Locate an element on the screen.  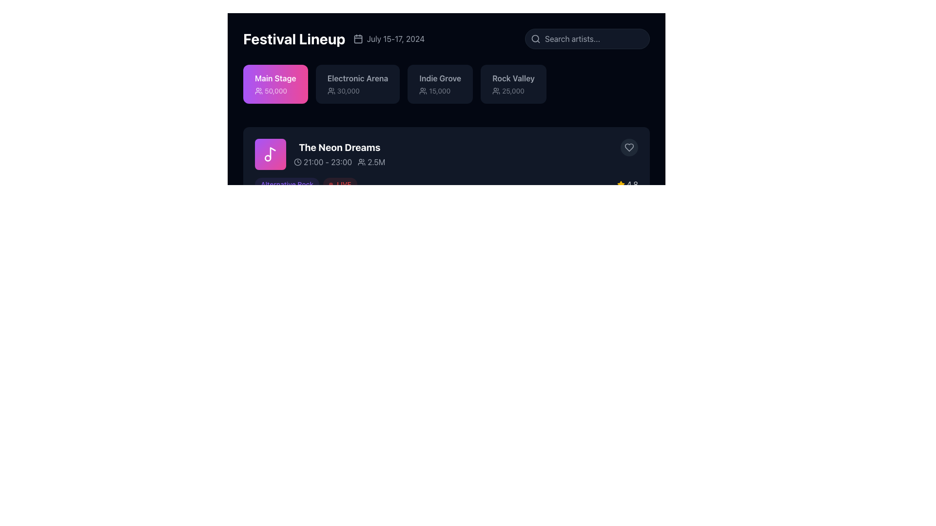
the state change of the 'like' icon located in the upper-right corner of the 'The Neon Dreams' section by interacting with it is located at coordinates (629, 148).